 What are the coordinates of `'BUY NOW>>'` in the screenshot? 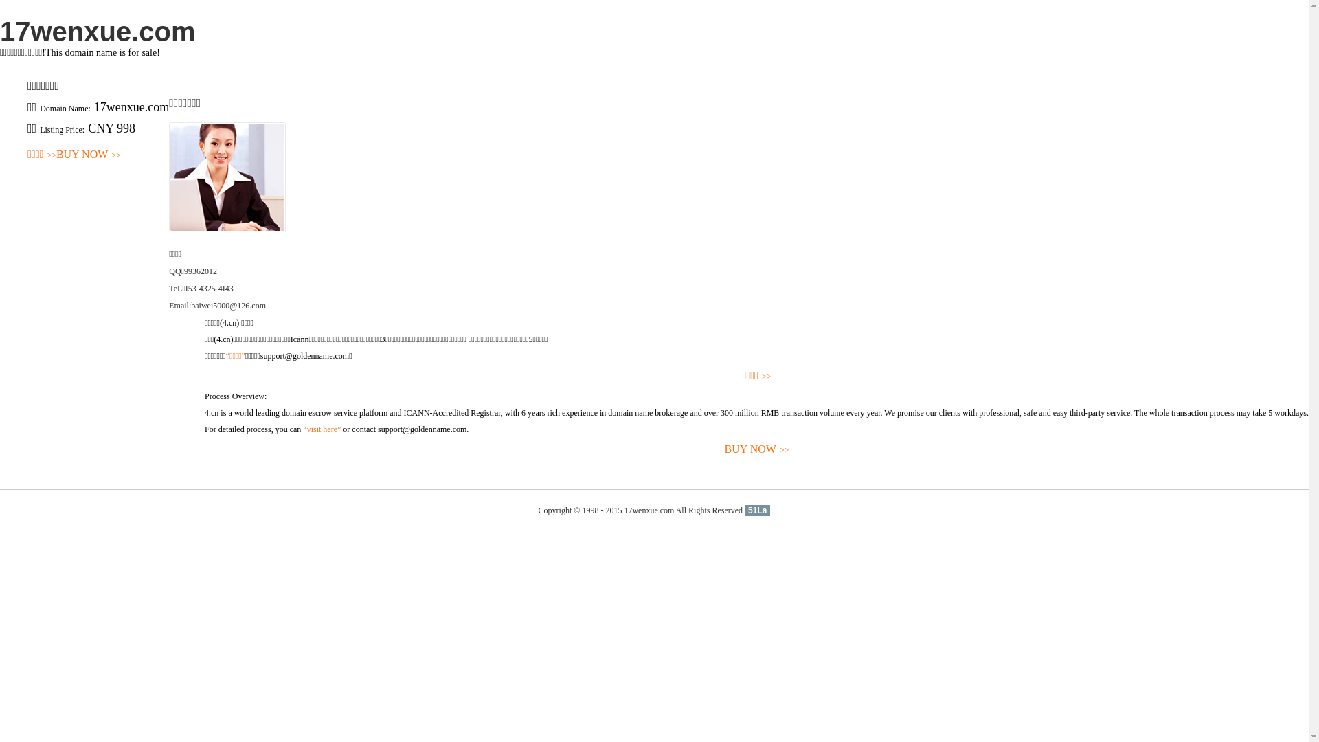 It's located at (88, 155).